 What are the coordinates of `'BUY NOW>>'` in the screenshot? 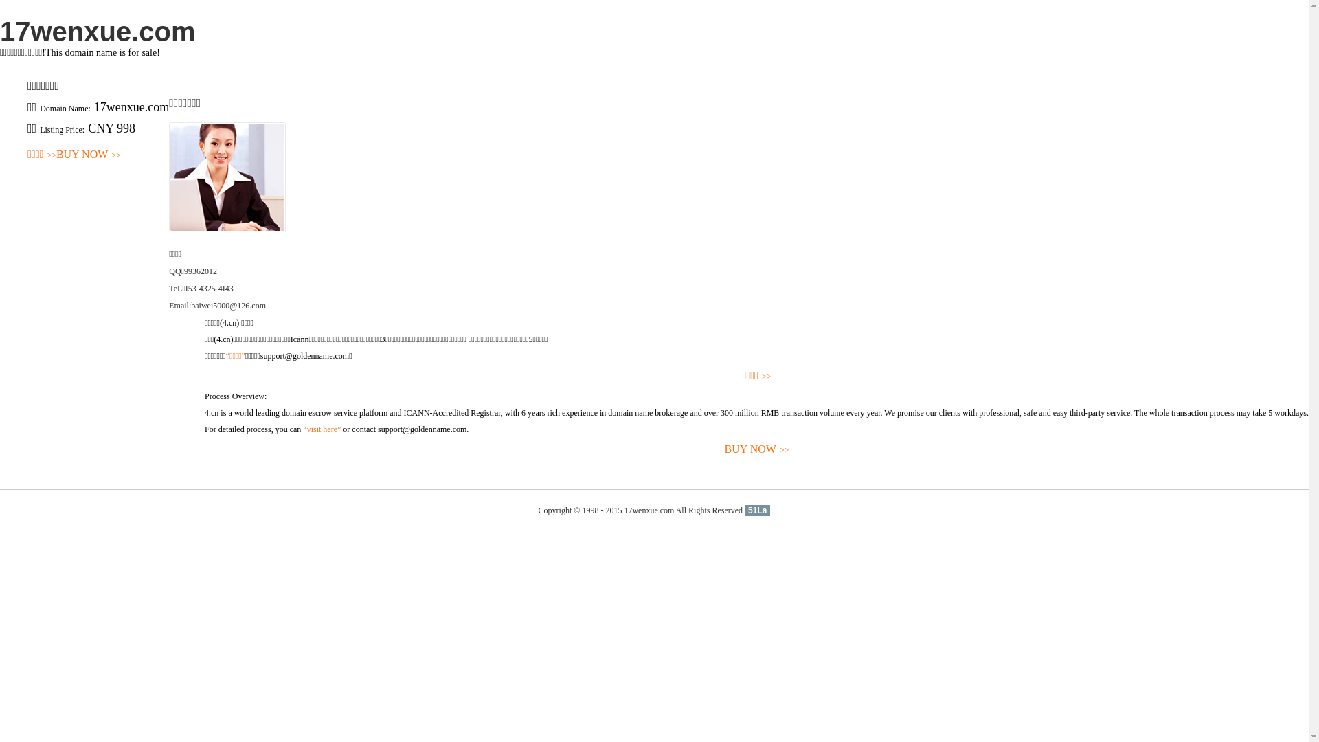 It's located at (88, 155).